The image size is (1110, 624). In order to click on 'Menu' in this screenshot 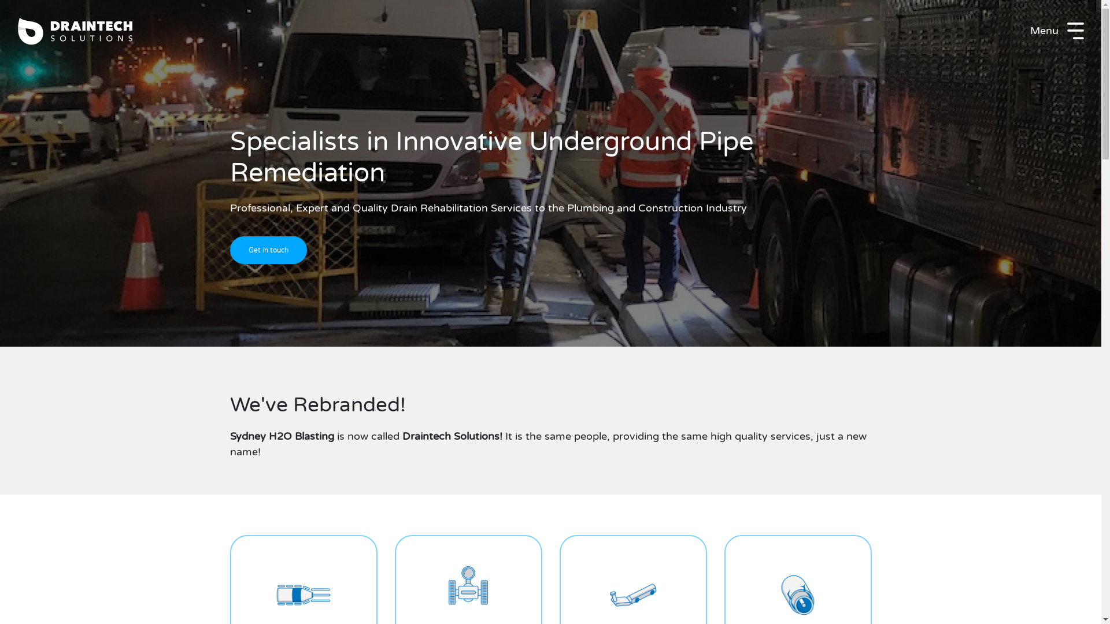, I will do `click(1057, 30)`.